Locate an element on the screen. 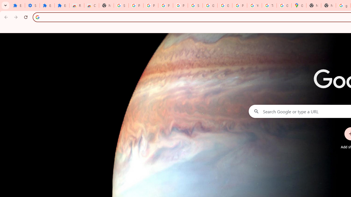 The height and width of the screenshot is (197, 351). 'Extensions' is located at coordinates (62, 5).